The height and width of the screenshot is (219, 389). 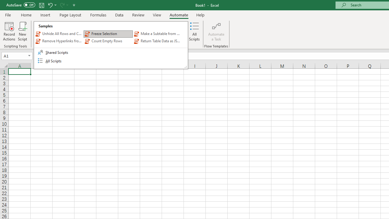 What do you see at coordinates (8, 14) in the screenshot?
I see `'File Tab'` at bounding box center [8, 14].